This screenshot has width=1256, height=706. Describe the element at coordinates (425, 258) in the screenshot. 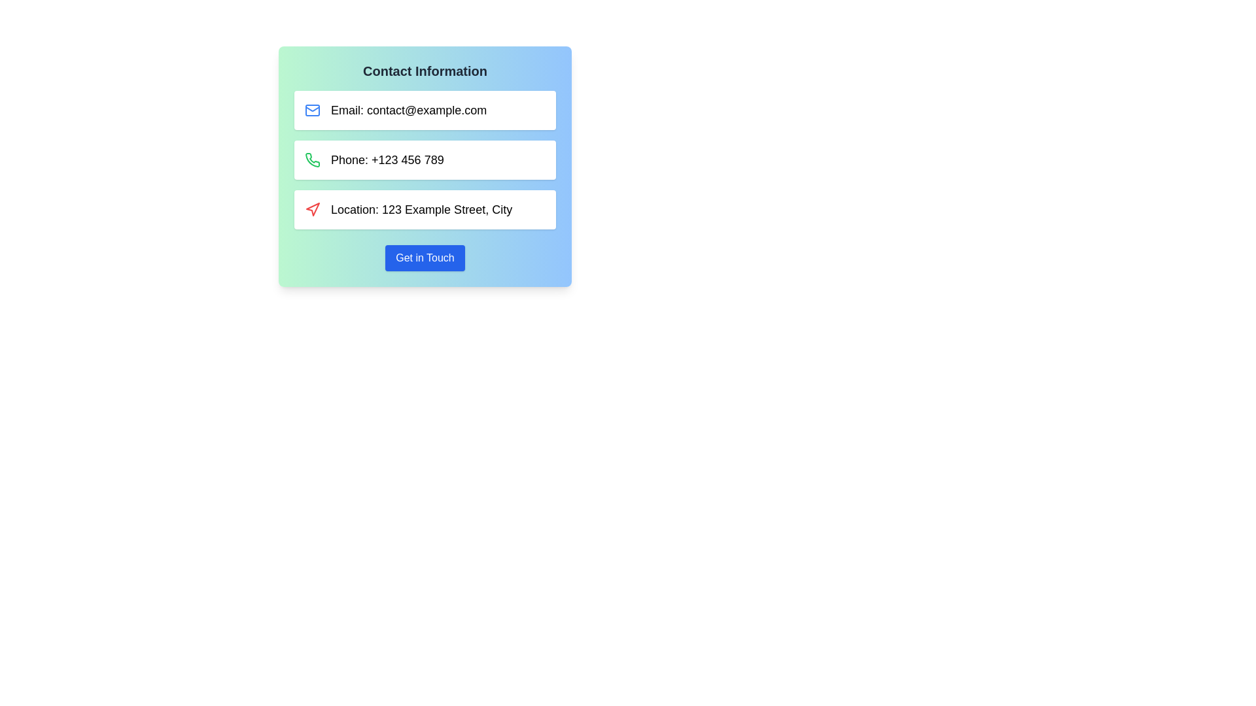

I see `the rectangular button with a blue background and white text that reads 'Get in Touch'` at that location.